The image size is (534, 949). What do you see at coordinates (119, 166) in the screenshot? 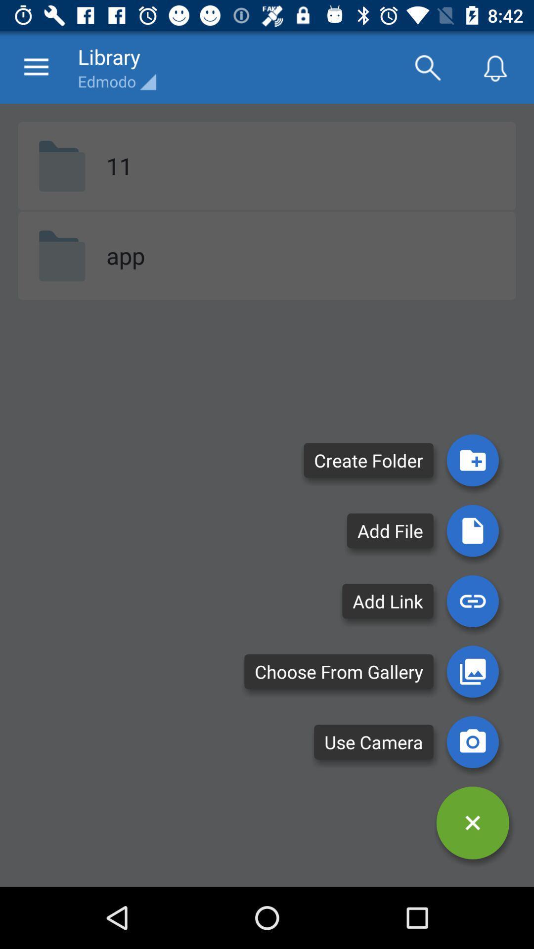
I see `the 11` at bounding box center [119, 166].